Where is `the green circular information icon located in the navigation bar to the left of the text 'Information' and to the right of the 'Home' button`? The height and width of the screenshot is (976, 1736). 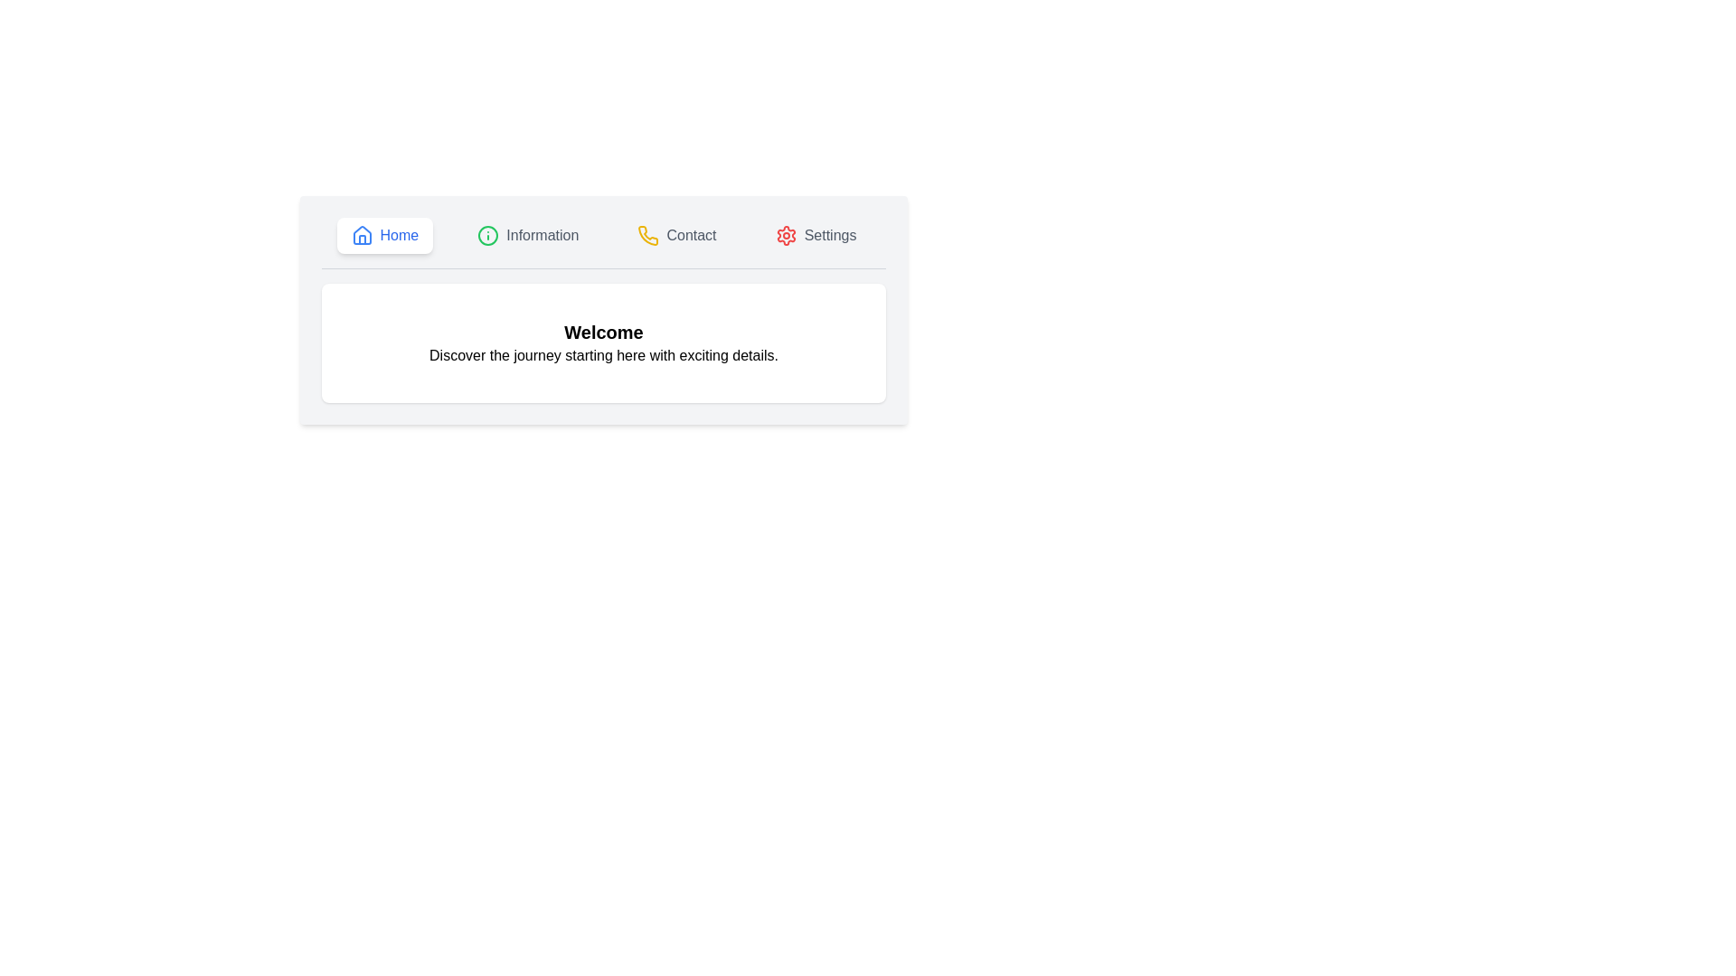 the green circular information icon located in the navigation bar to the left of the text 'Information' and to the right of the 'Home' button is located at coordinates (488, 235).